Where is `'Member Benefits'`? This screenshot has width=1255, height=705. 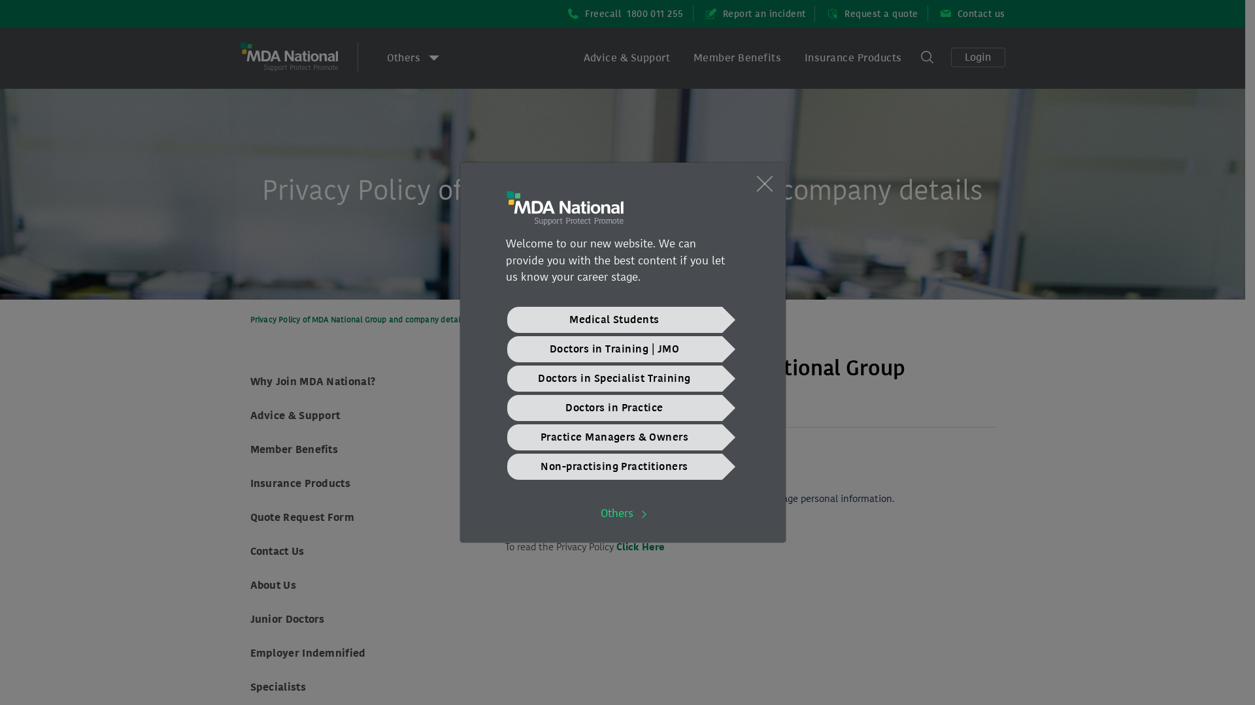 'Member Benefits' is located at coordinates (737, 57).